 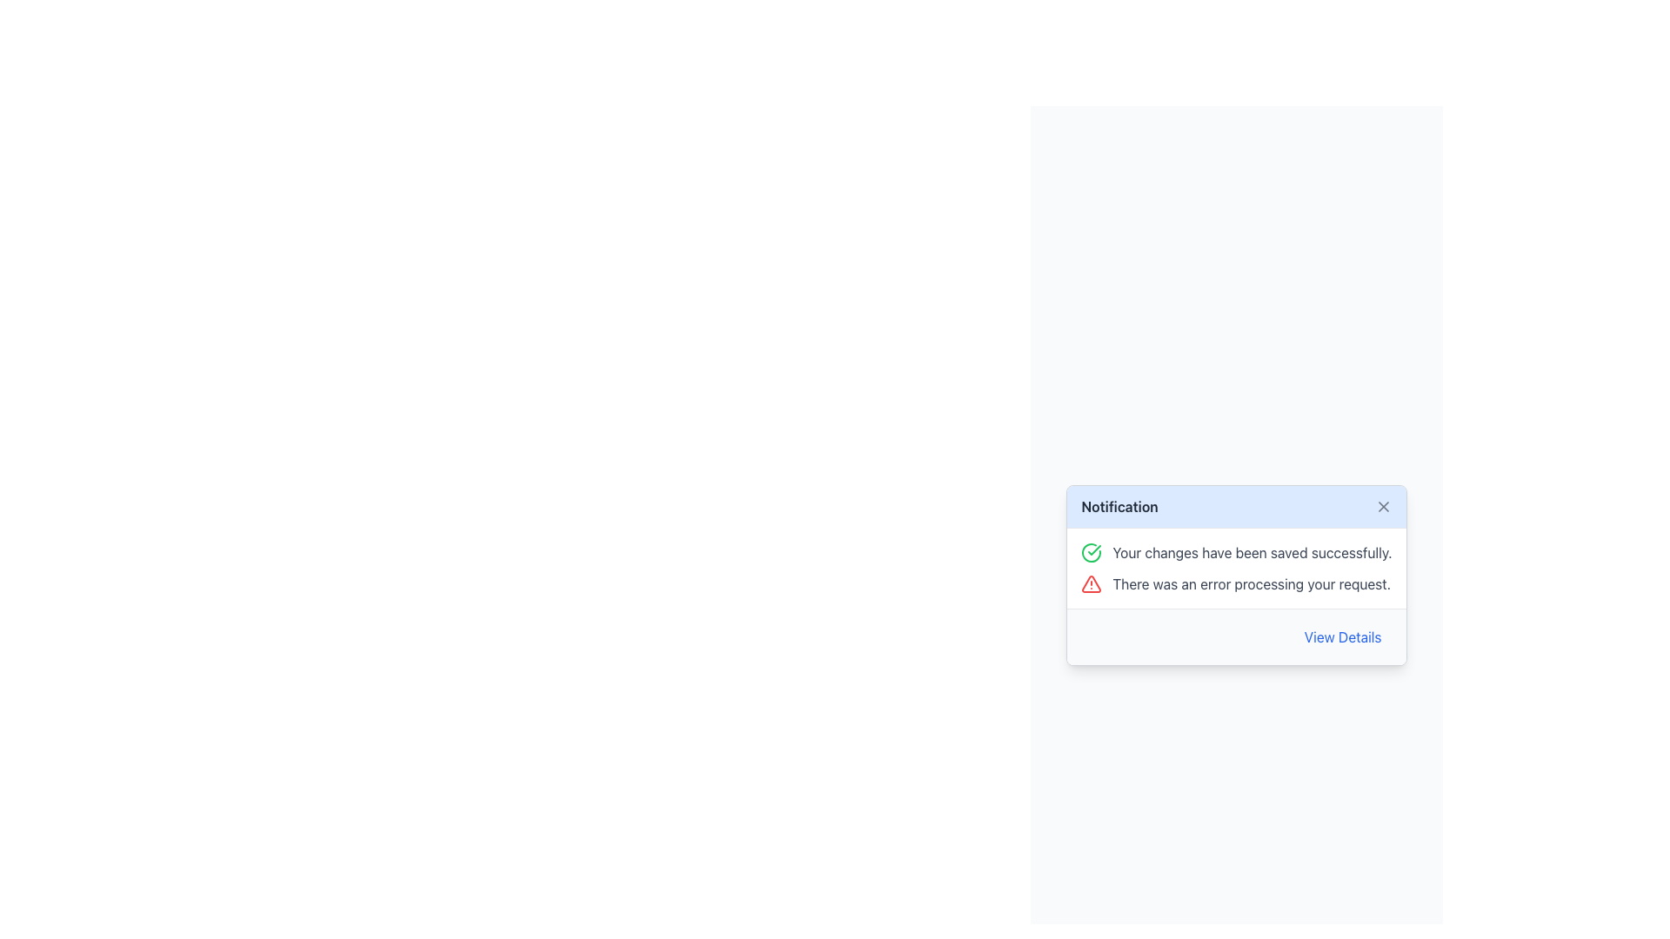 What do you see at coordinates (1091, 583) in the screenshot?
I see `the triangle alert icon which indicates a warning or error state` at bounding box center [1091, 583].